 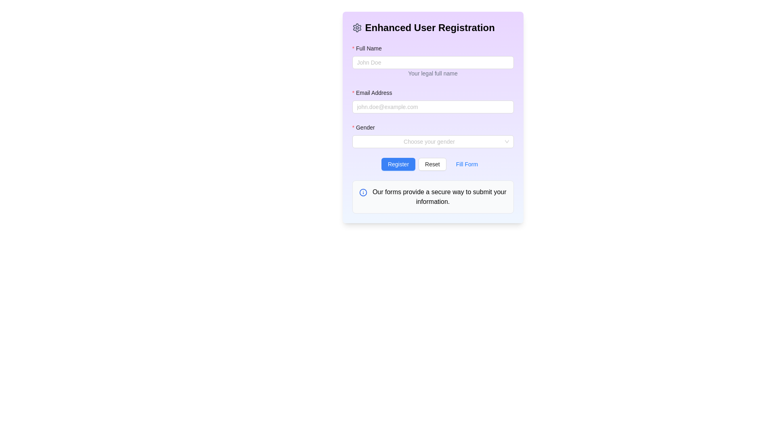 What do you see at coordinates (429, 27) in the screenshot?
I see `the header text 'Enhanced User Registration' which is bold and large-sized, located at the top center of the form, right of the settings icon` at bounding box center [429, 27].